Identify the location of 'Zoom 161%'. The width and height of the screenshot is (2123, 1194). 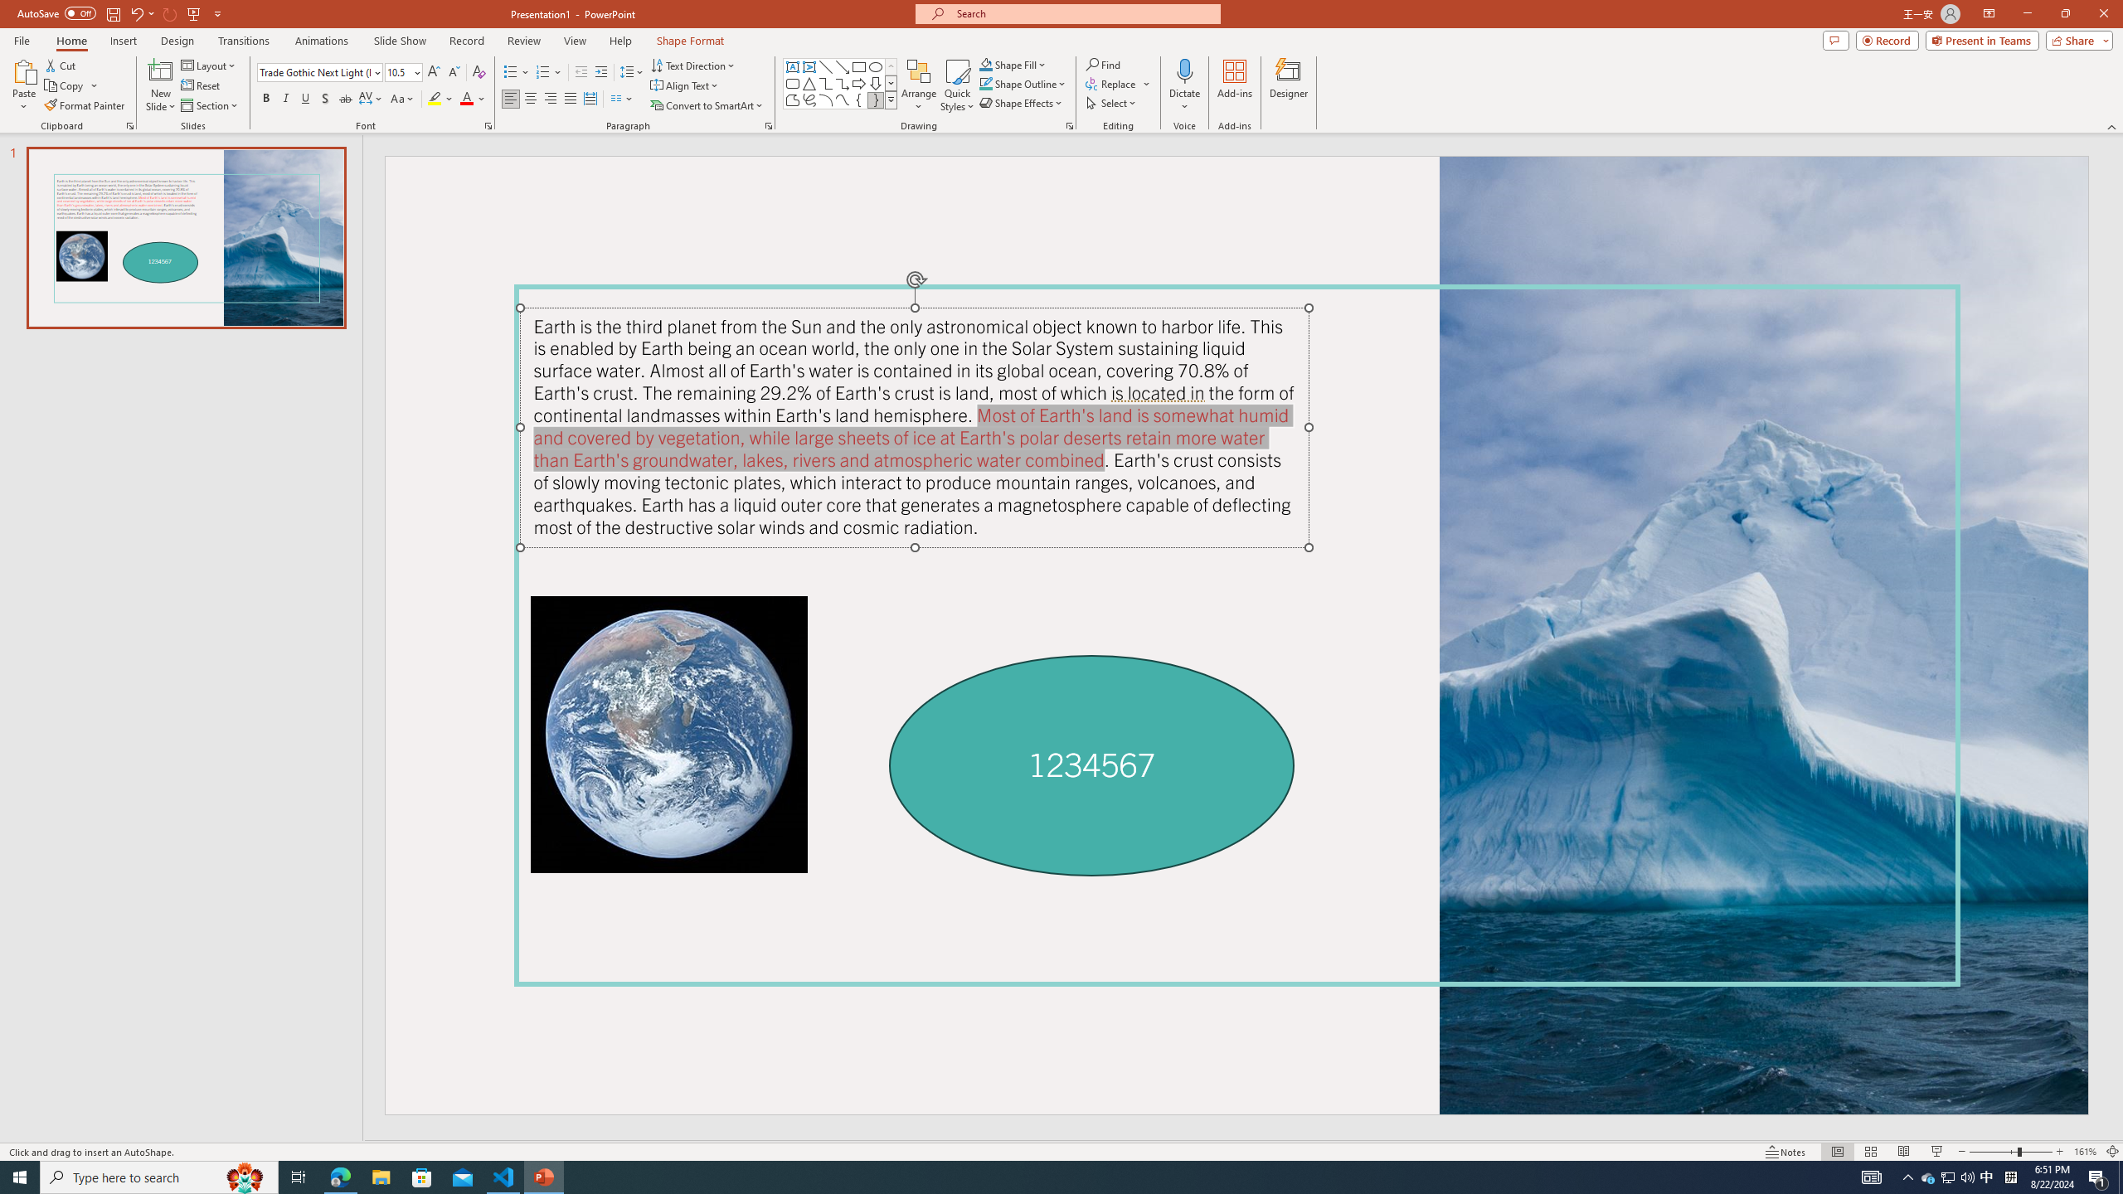
(2086, 1152).